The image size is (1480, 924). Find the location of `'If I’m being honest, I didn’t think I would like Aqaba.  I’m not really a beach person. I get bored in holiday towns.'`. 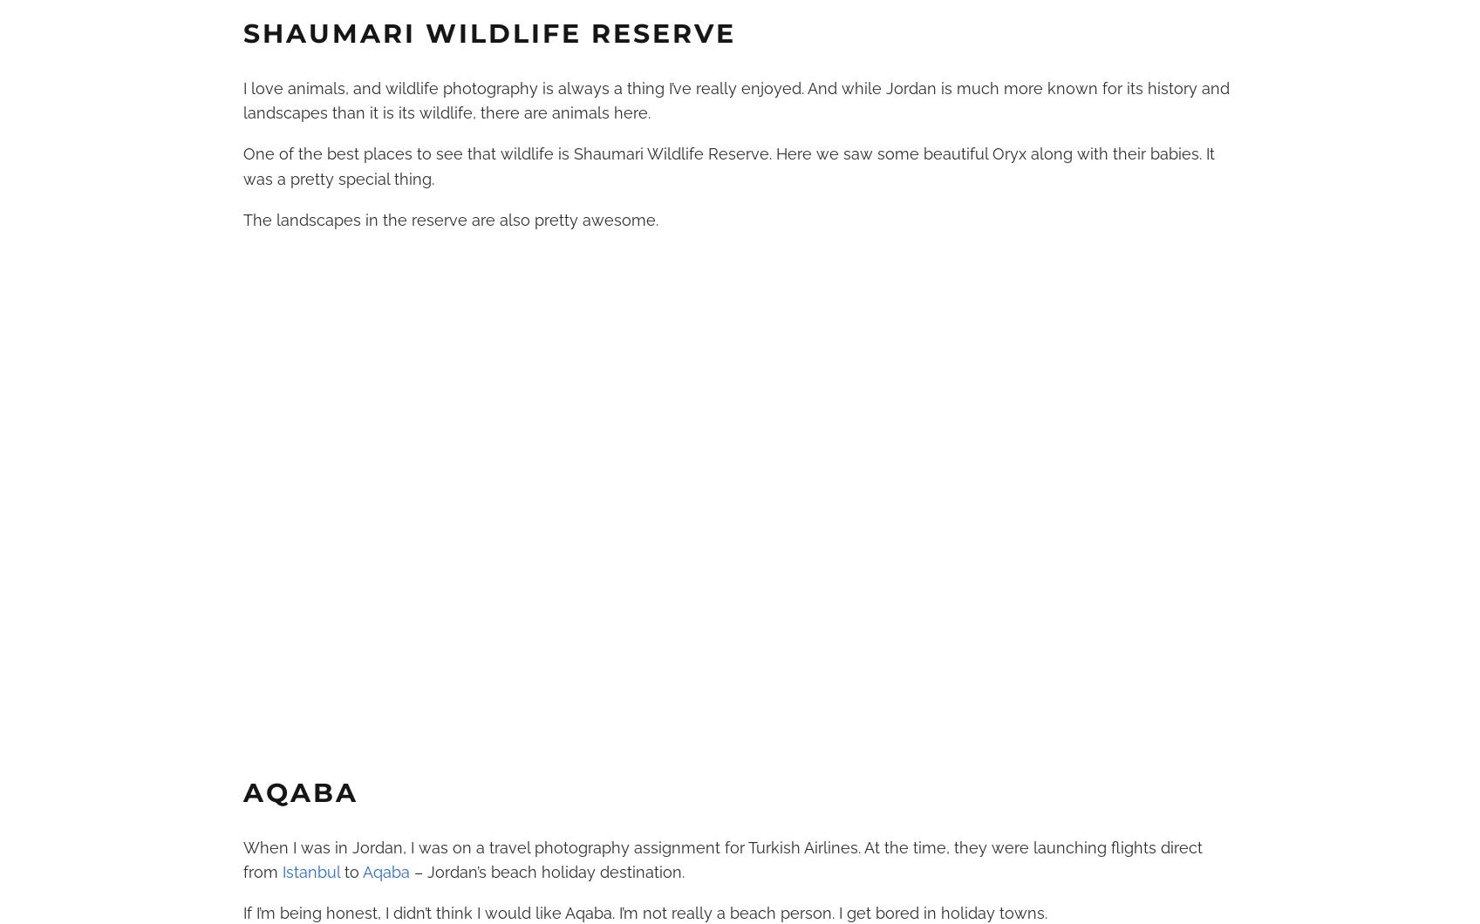

'If I’m being honest, I didn’t think I would like Aqaba.  I’m not really a beach person. I get bored in holiday towns.' is located at coordinates (241, 912).